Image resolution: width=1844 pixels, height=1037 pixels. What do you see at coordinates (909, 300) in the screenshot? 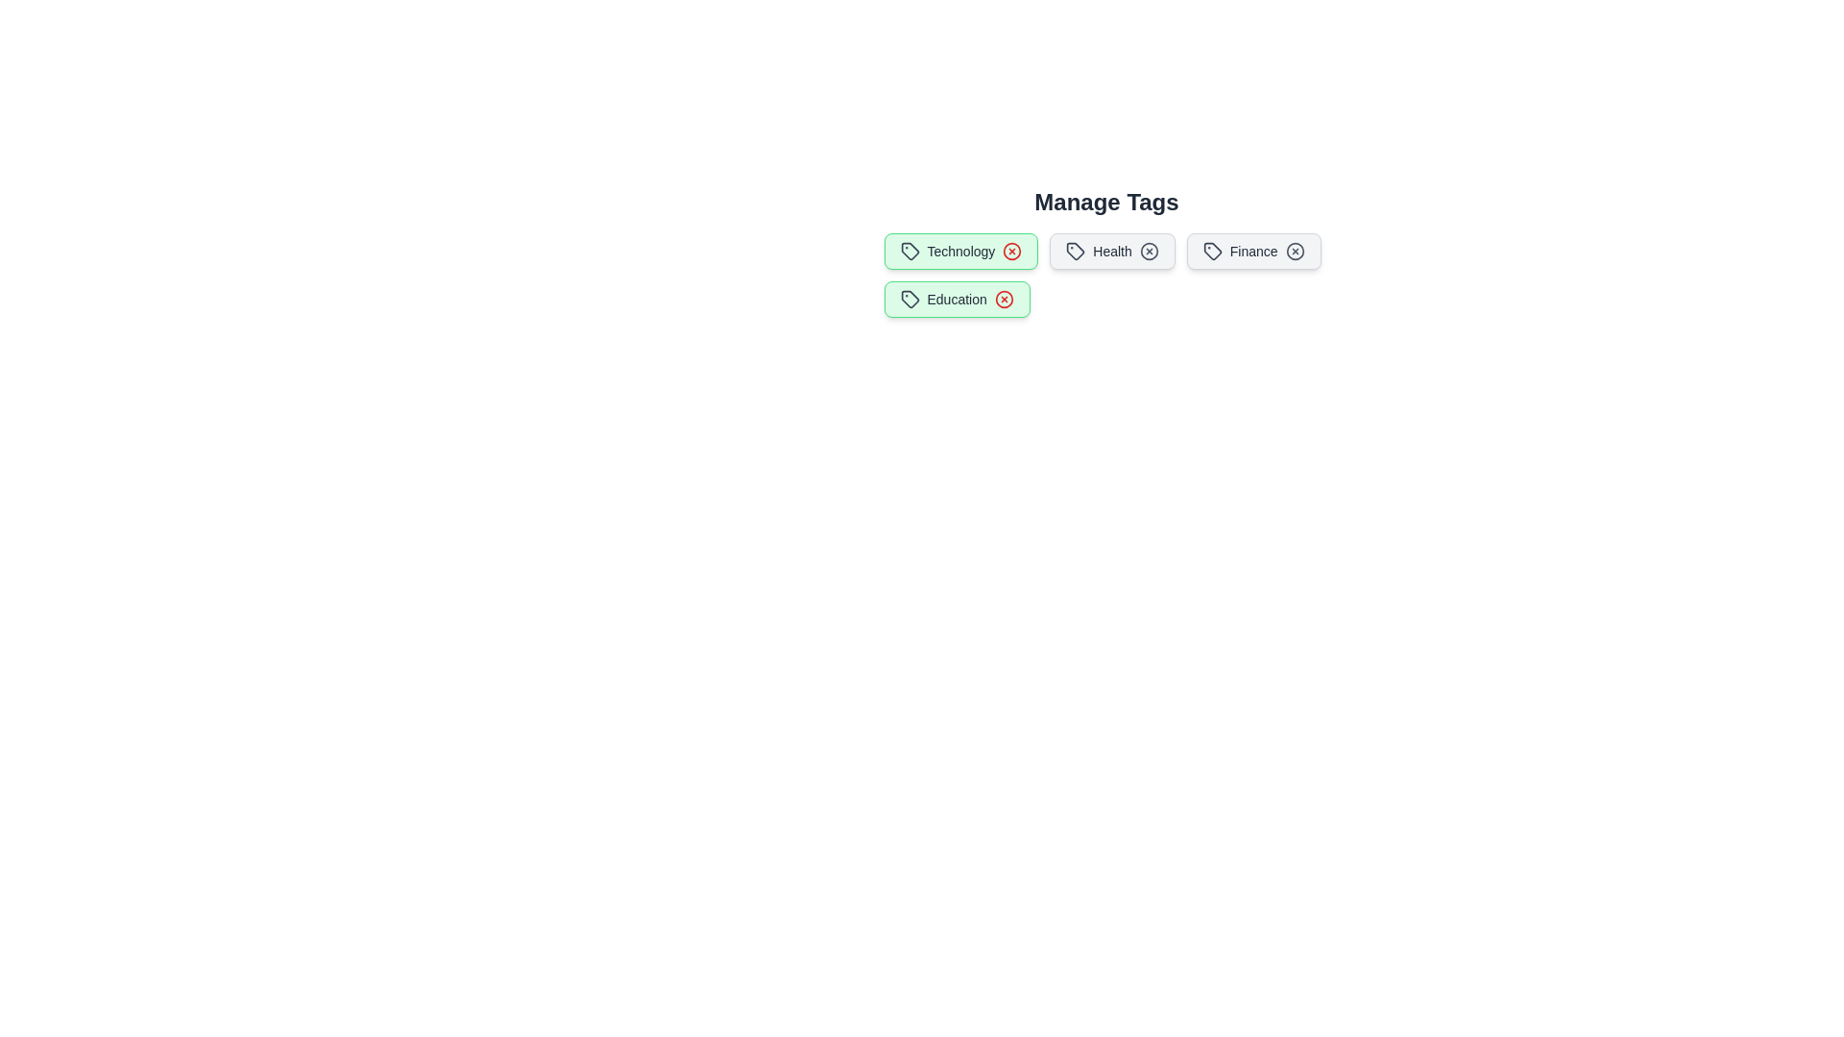
I see `the icon within the tag labeled Education` at bounding box center [909, 300].